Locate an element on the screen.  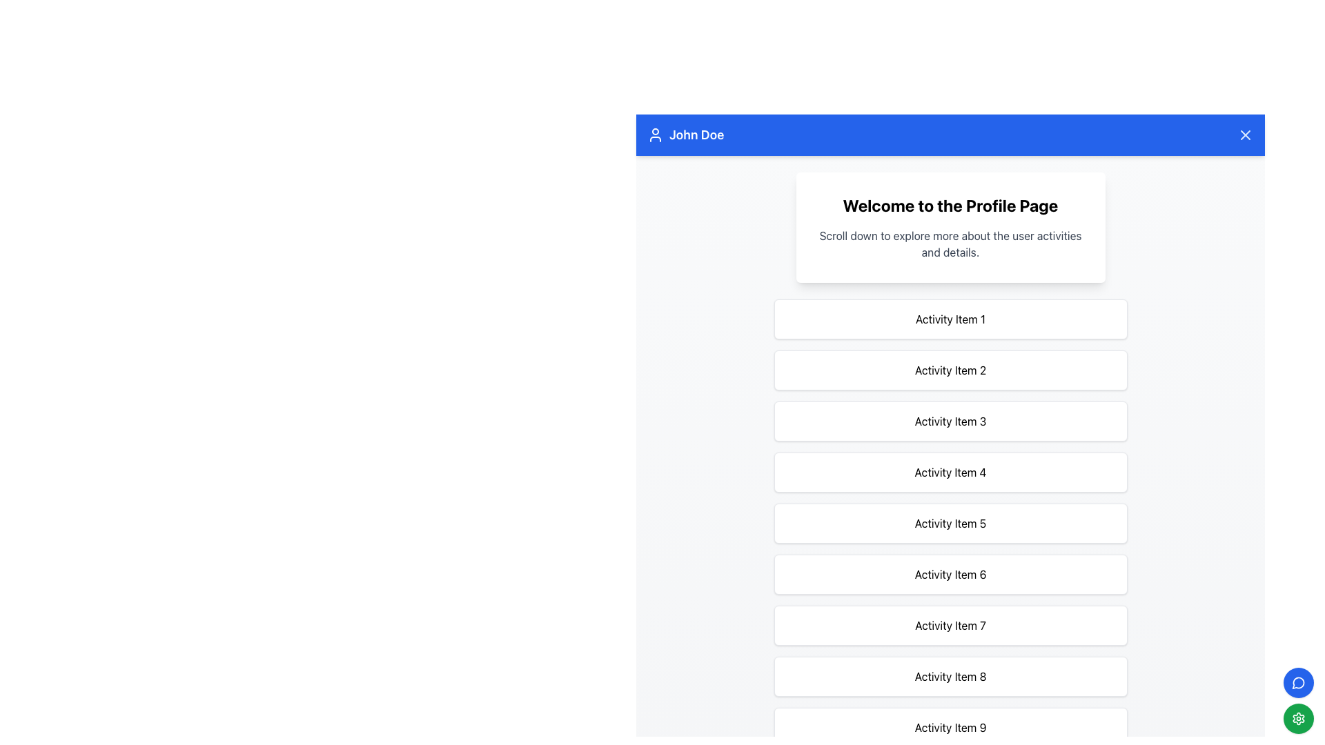
the gear icon inside the green circle located in the bottom-right corner of the interface is located at coordinates (1297, 717).